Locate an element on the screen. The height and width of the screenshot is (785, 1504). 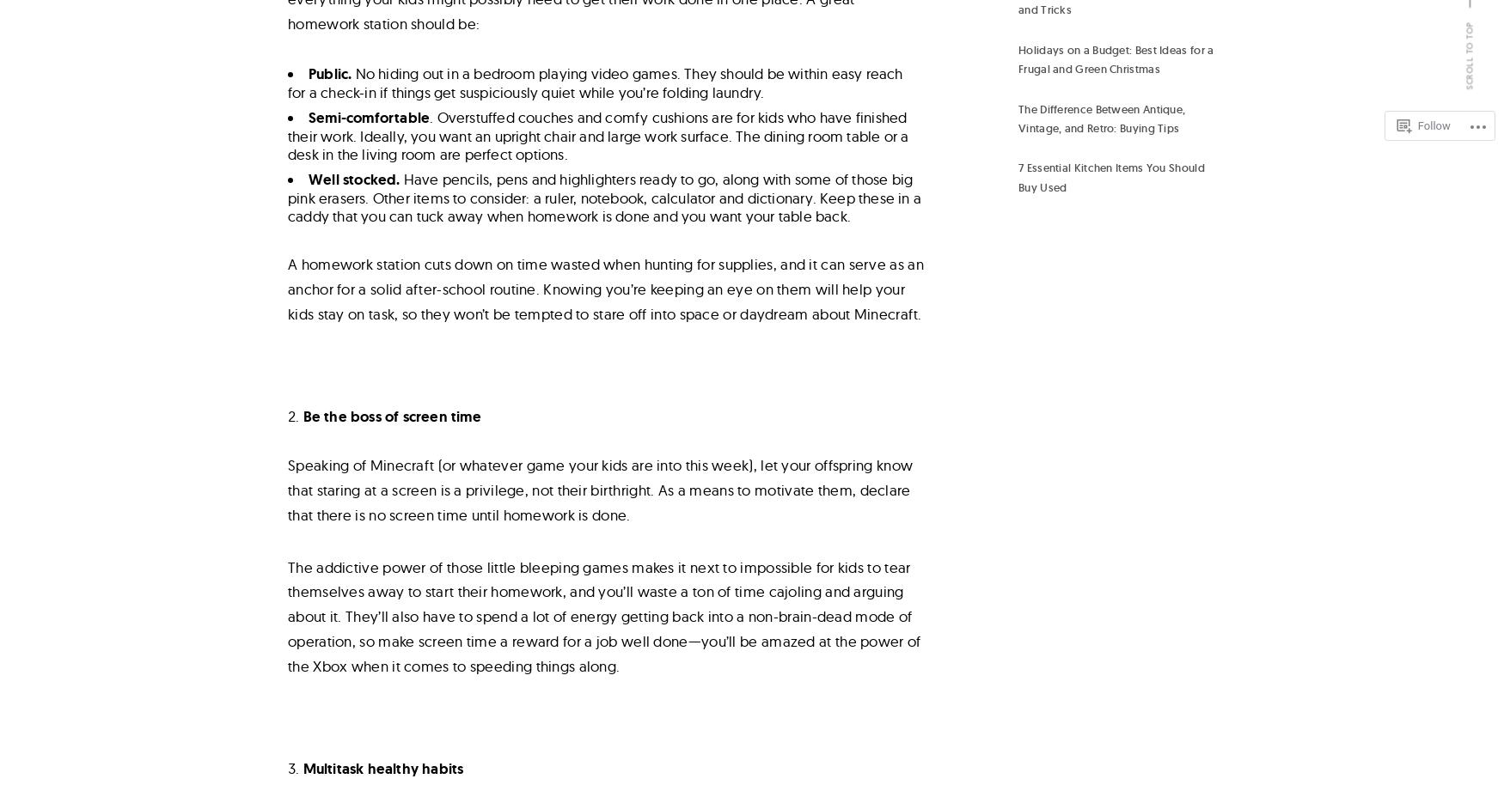
'Follow' is located at coordinates (1432, 123).